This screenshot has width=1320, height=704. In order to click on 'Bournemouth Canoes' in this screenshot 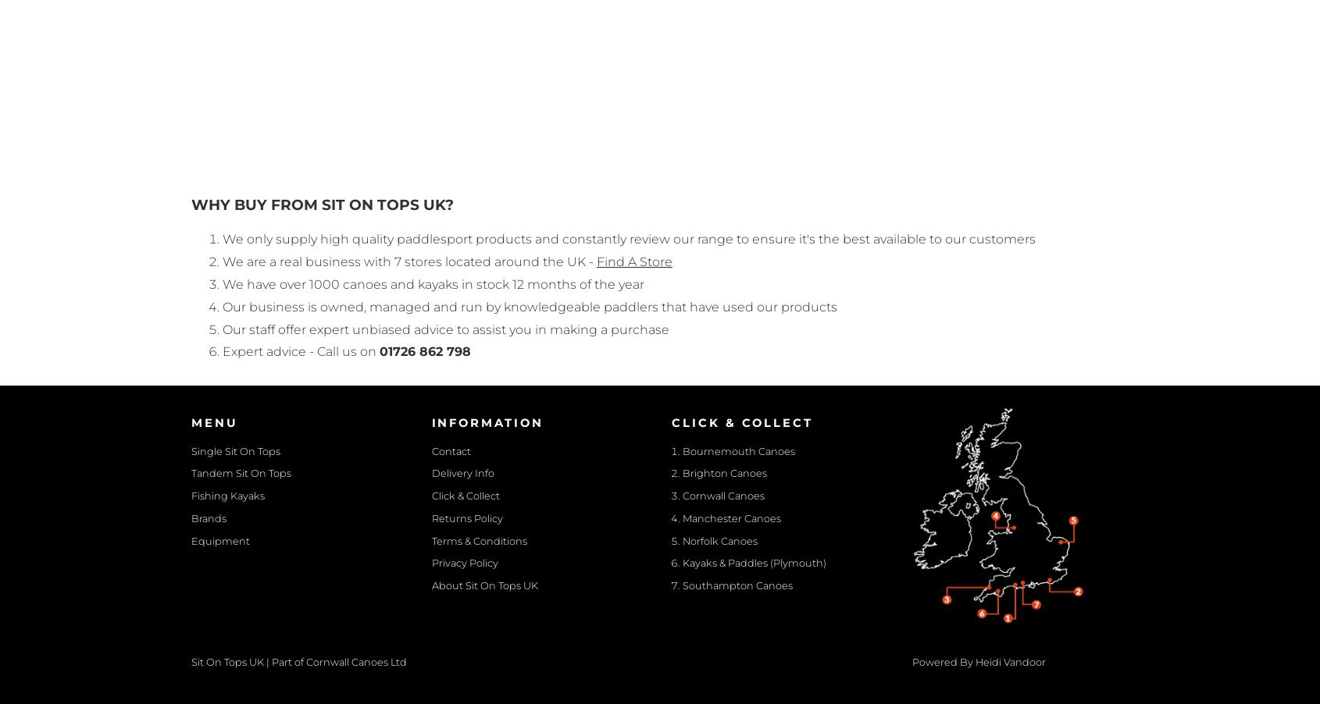, I will do `click(682, 450)`.